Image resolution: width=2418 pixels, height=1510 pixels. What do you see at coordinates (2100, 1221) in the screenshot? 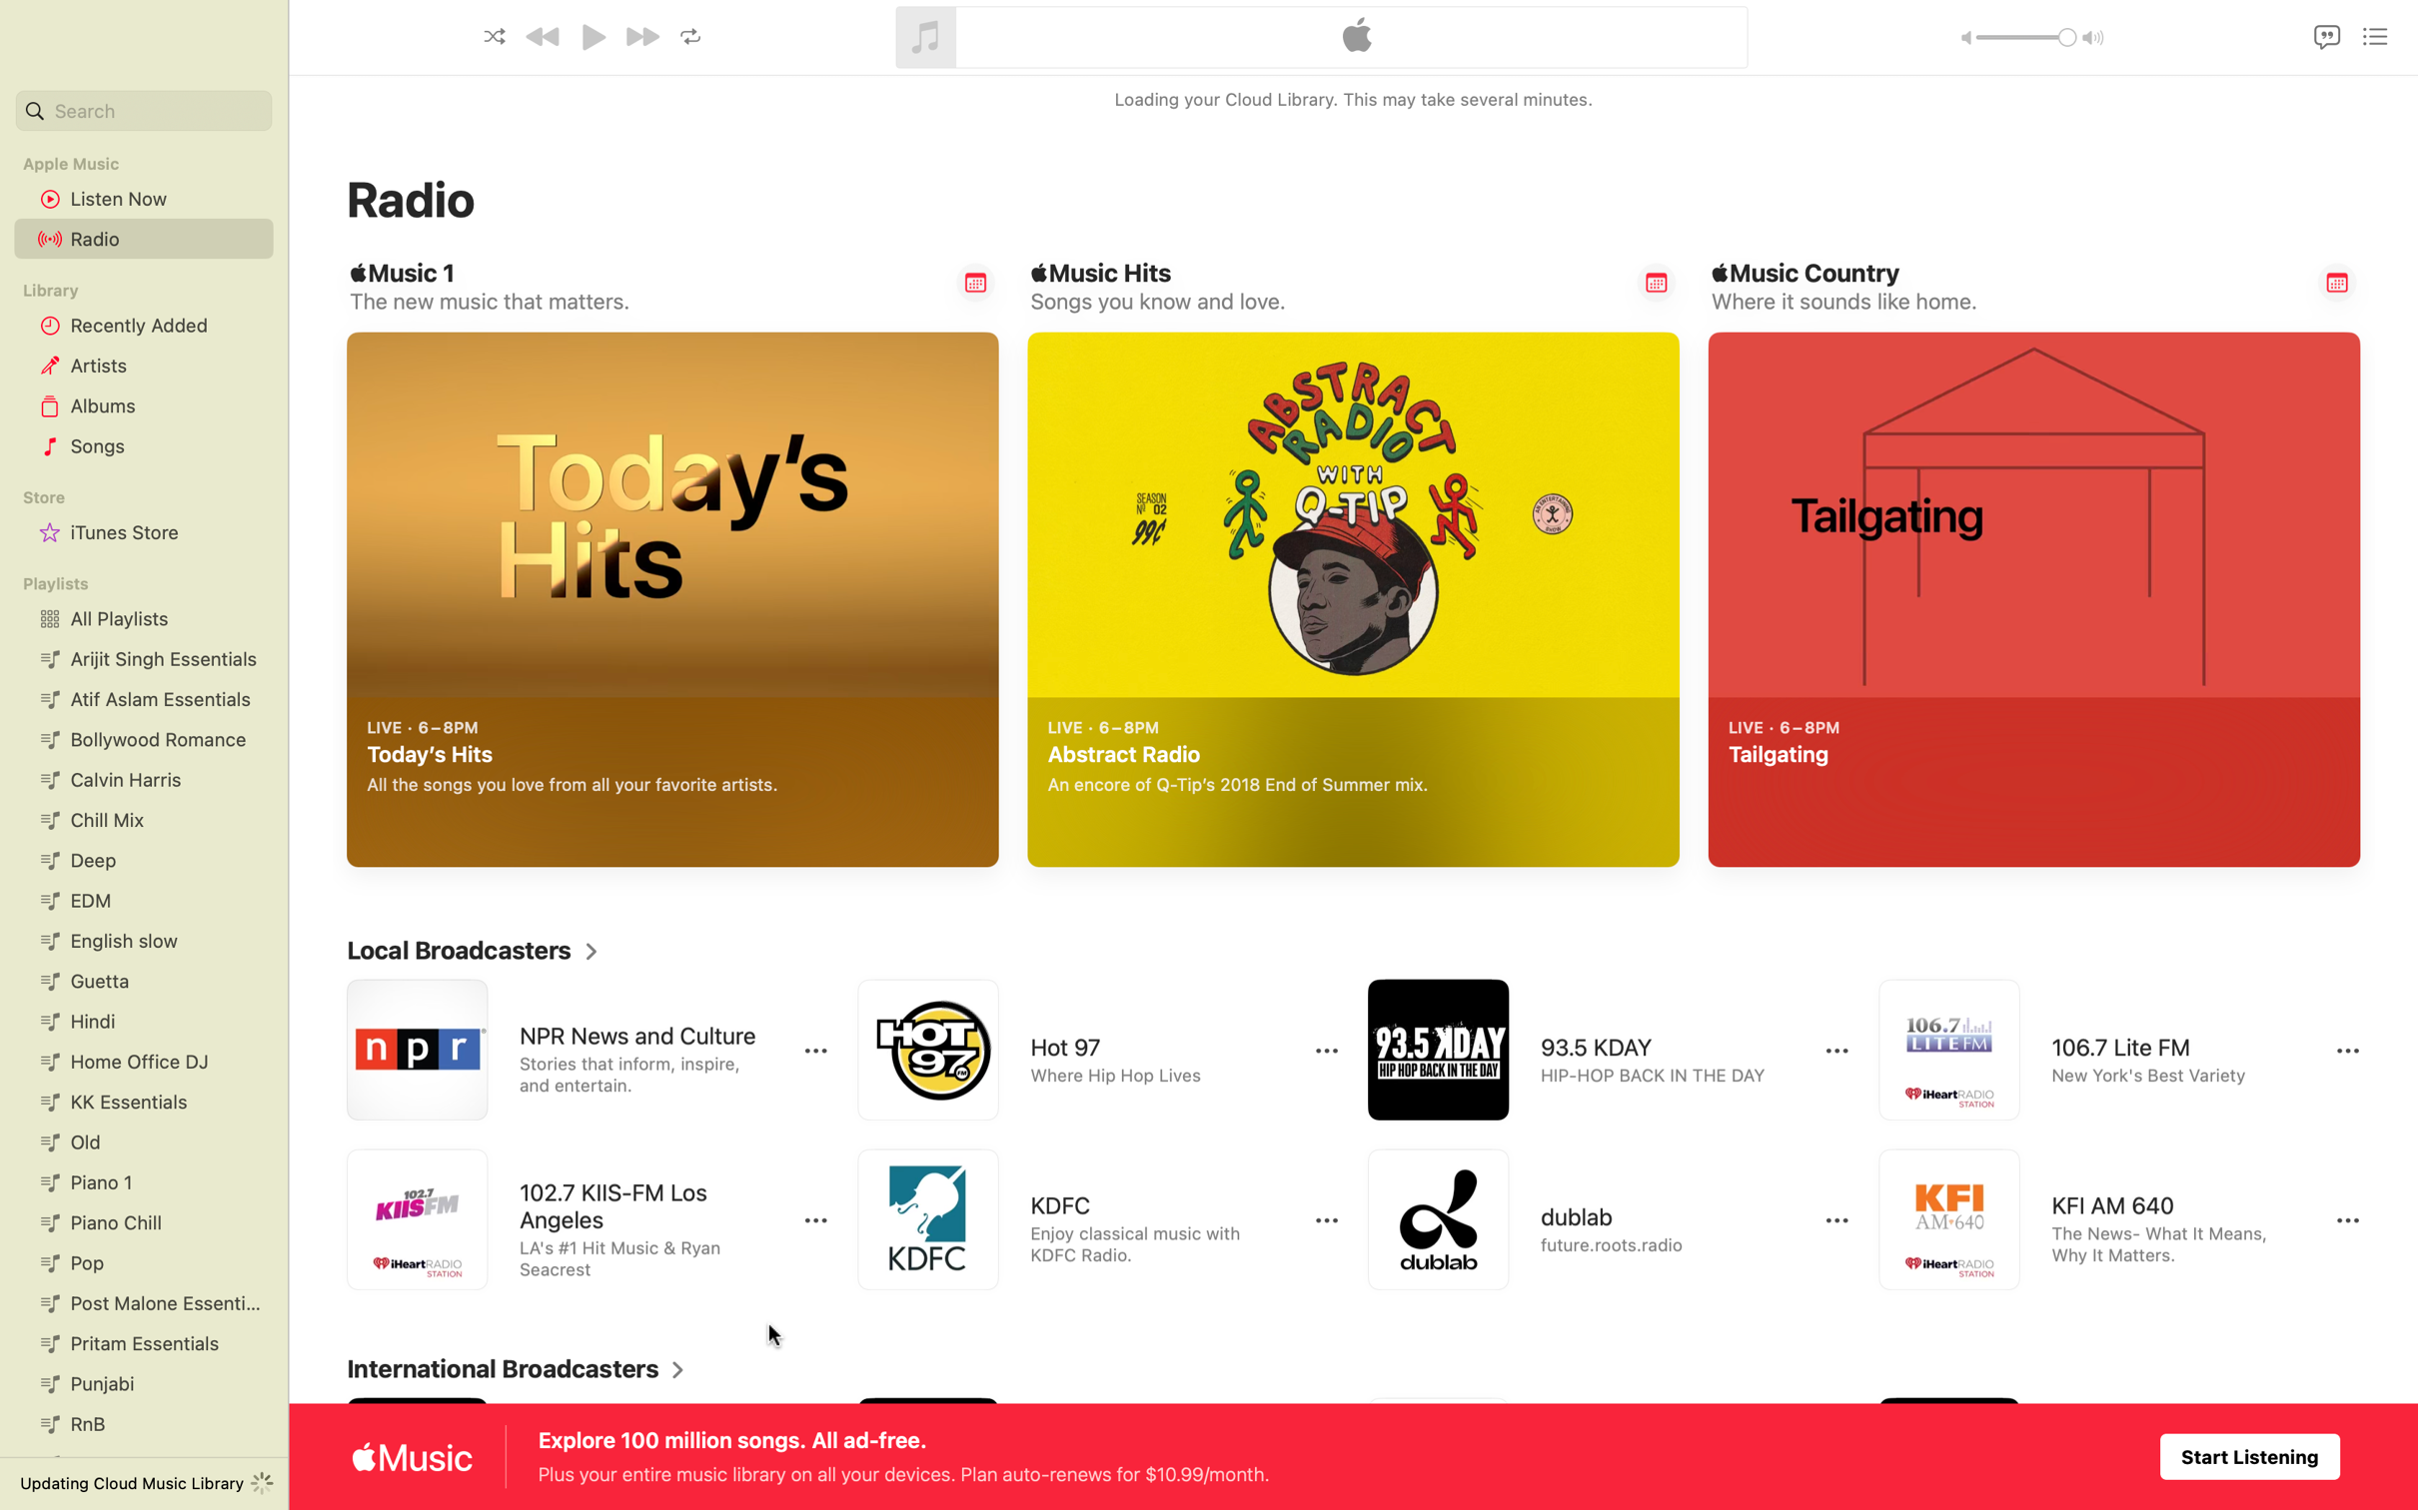
I see `Run the KFI AM streaming` at bounding box center [2100, 1221].